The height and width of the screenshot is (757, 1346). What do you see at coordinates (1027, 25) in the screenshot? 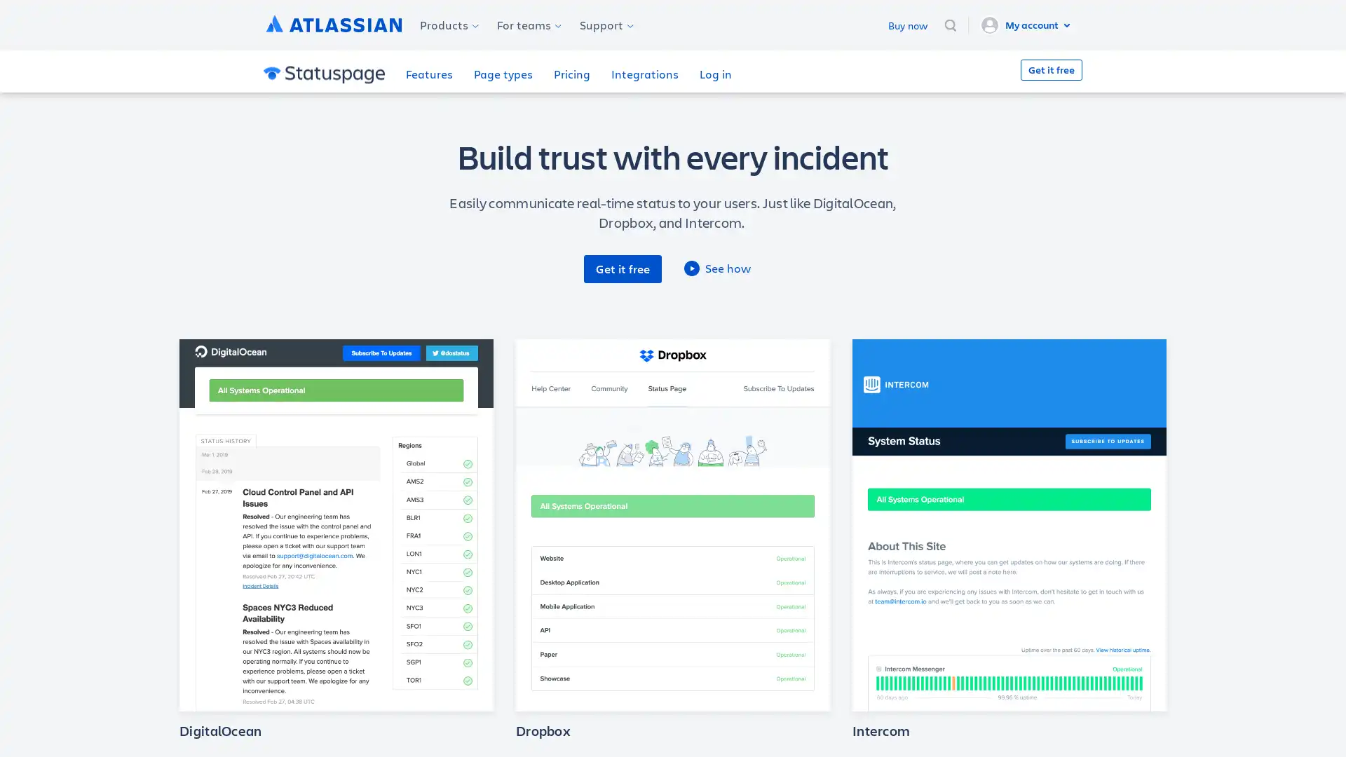
I see `My account open` at bounding box center [1027, 25].